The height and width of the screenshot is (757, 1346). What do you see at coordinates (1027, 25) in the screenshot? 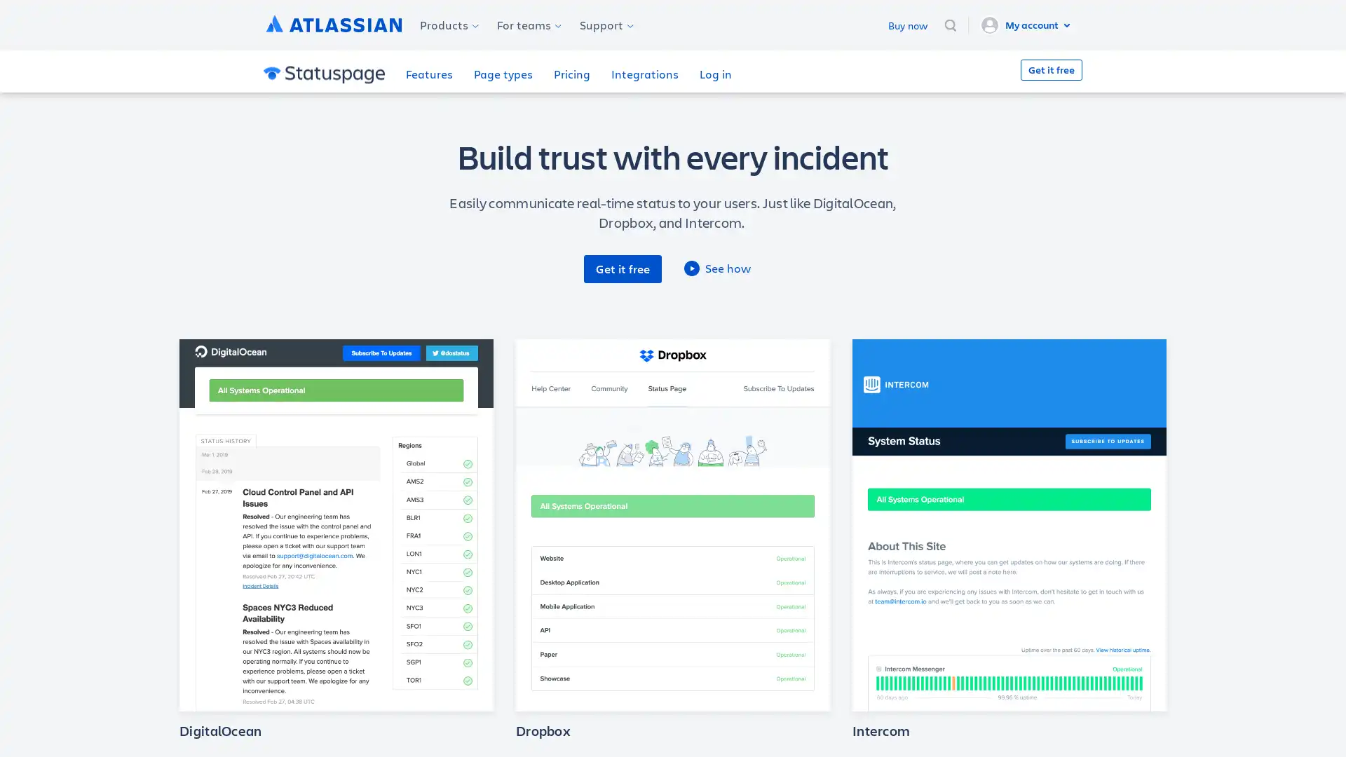
I see `My account open` at bounding box center [1027, 25].